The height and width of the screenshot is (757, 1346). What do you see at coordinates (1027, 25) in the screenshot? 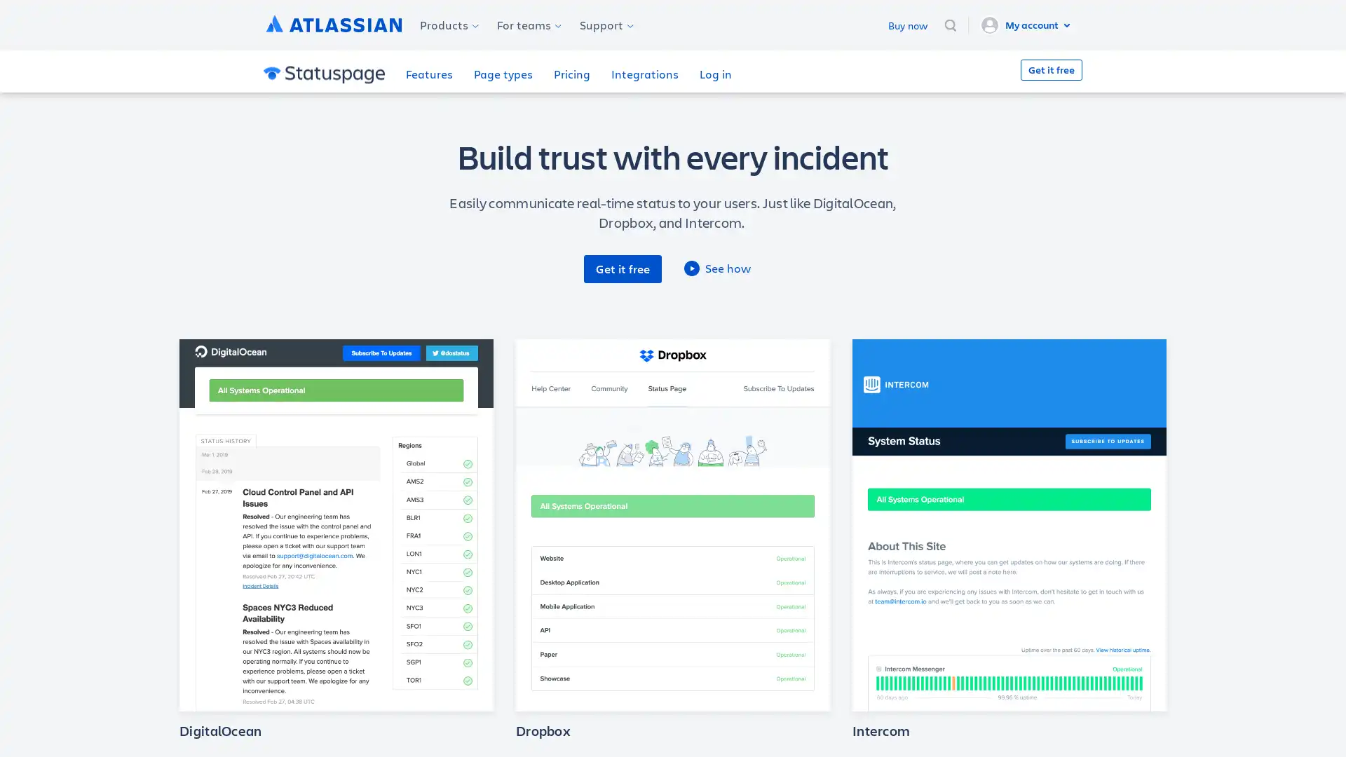
I see `My account open` at bounding box center [1027, 25].